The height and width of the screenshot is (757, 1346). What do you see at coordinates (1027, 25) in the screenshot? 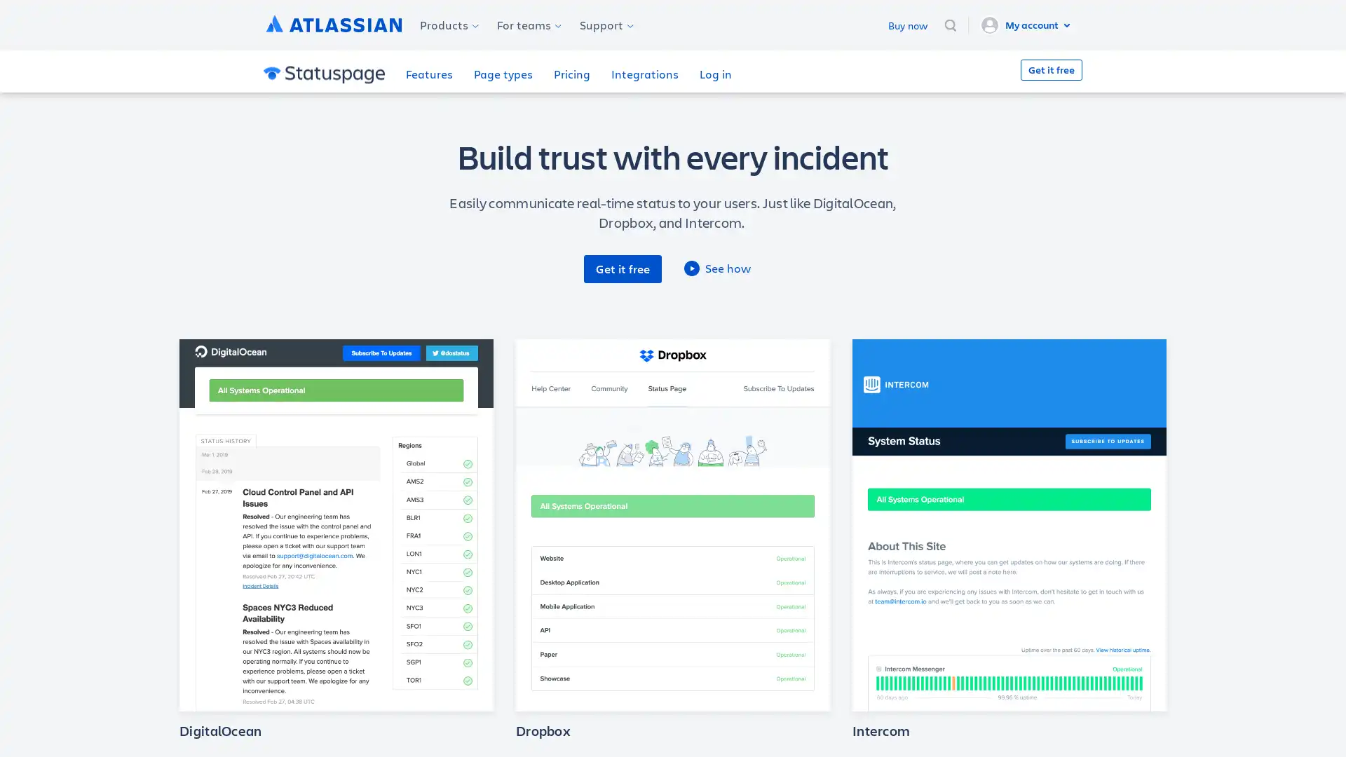
I see `My account open` at bounding box center [1027, 25].